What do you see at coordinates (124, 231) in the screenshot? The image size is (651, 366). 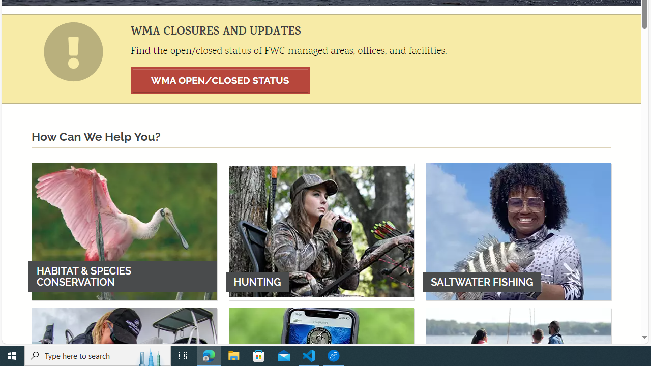 I see `'HABITAT & SPECIES CONSERVATION'` at bounding box center [124, 231].